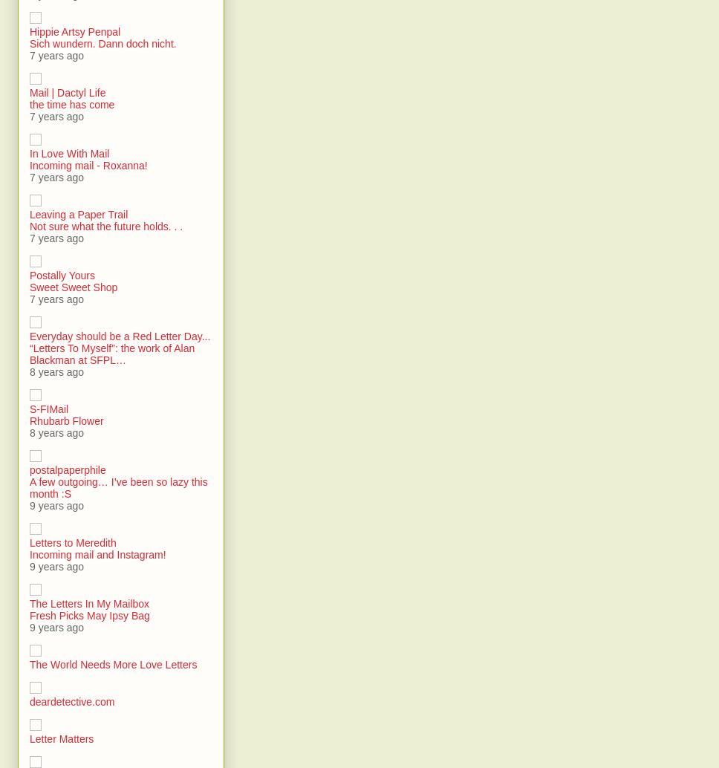  I want to click on 'A few outgoing… I’ve been so lazy this month :S', so click(117, 488).